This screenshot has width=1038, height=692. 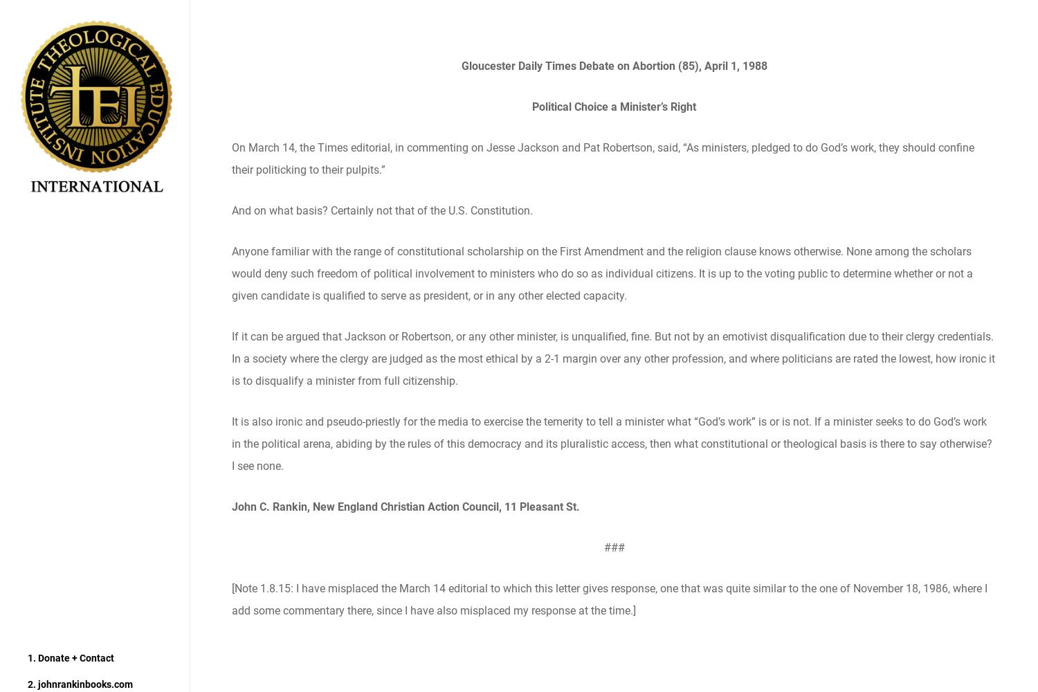 What do you see at coordinates (230, 444) in the screenshot?
I see `'It is also ironic and pseudo-priestly for the media to exercise the temerity to tell a minister what “God’s work” is or is not. If a minister seeks to do God’s work in the political arena, abiding by the rules of this democracy and its pluralistic access, then what constitutional or theological basis is there to say otherwise? I see none.'` at bounding box center [230, 444].